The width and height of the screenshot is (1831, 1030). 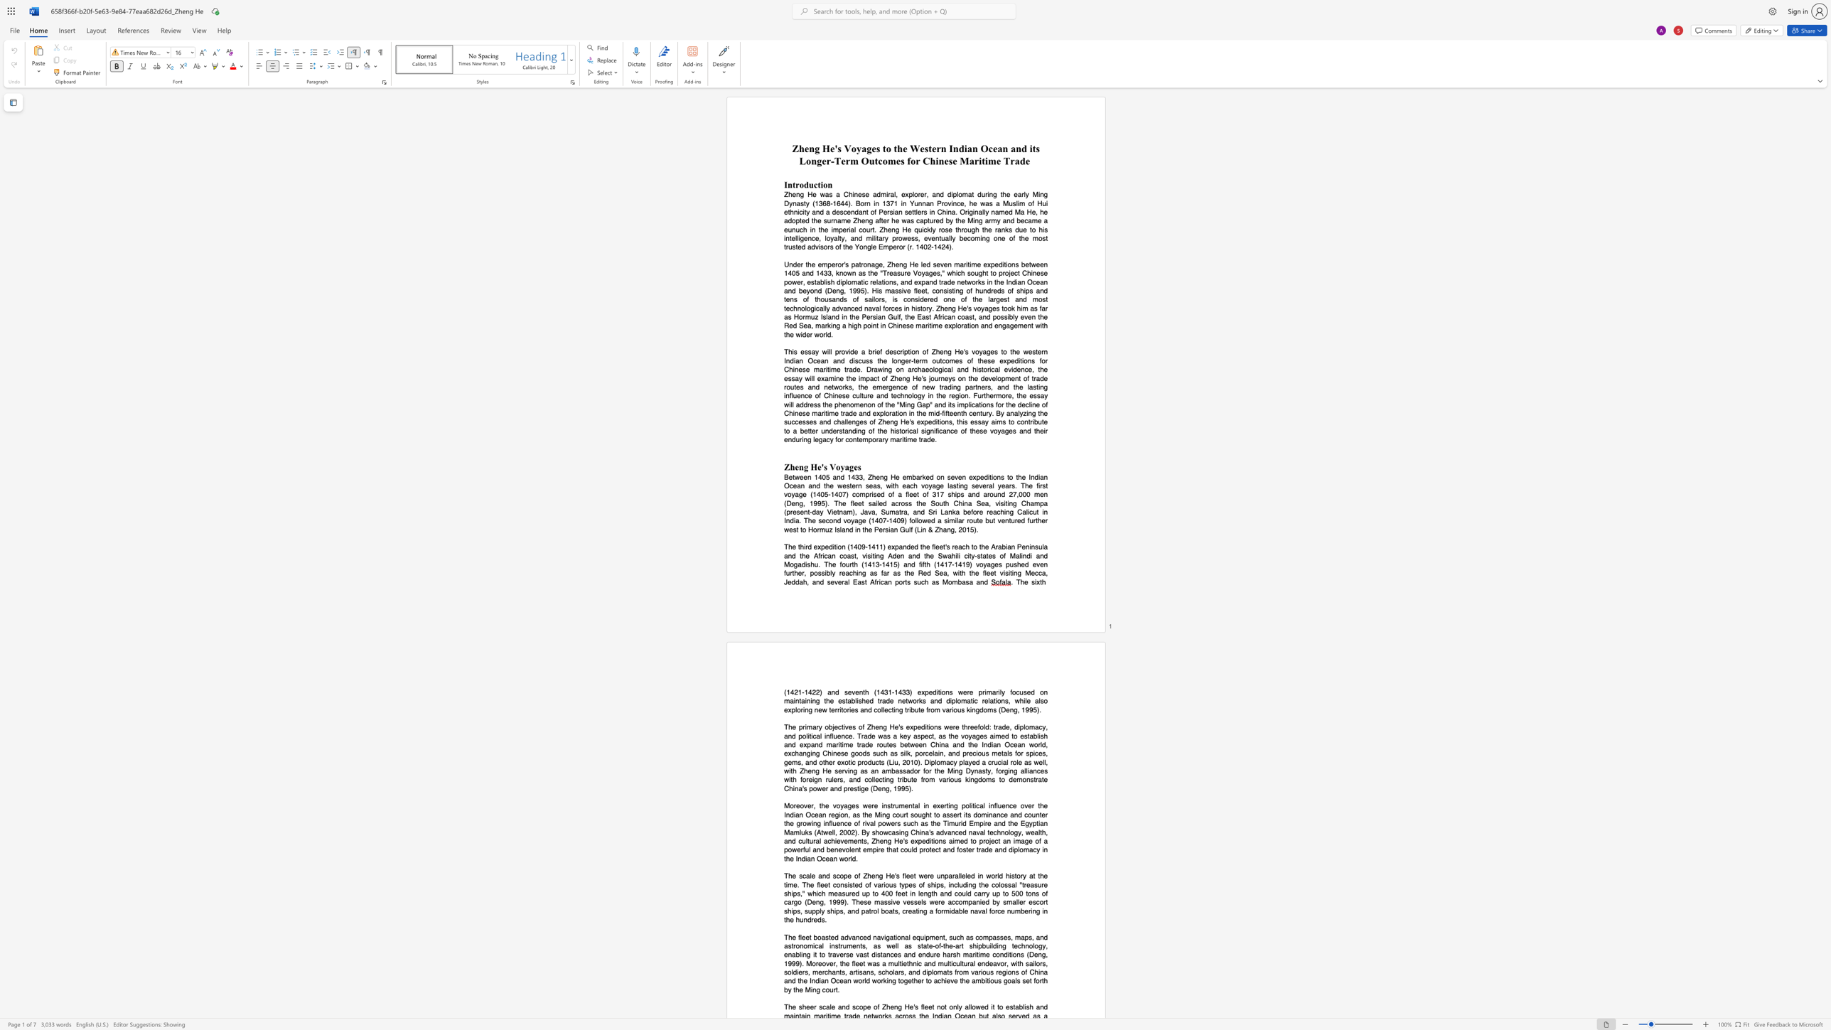 What do you see at coordinates (893, 736) in the screenshot?
I see `the subset text "a key aspect, as the voyages a" within the text "of Zheng He"` at bounding box center [893, 736].